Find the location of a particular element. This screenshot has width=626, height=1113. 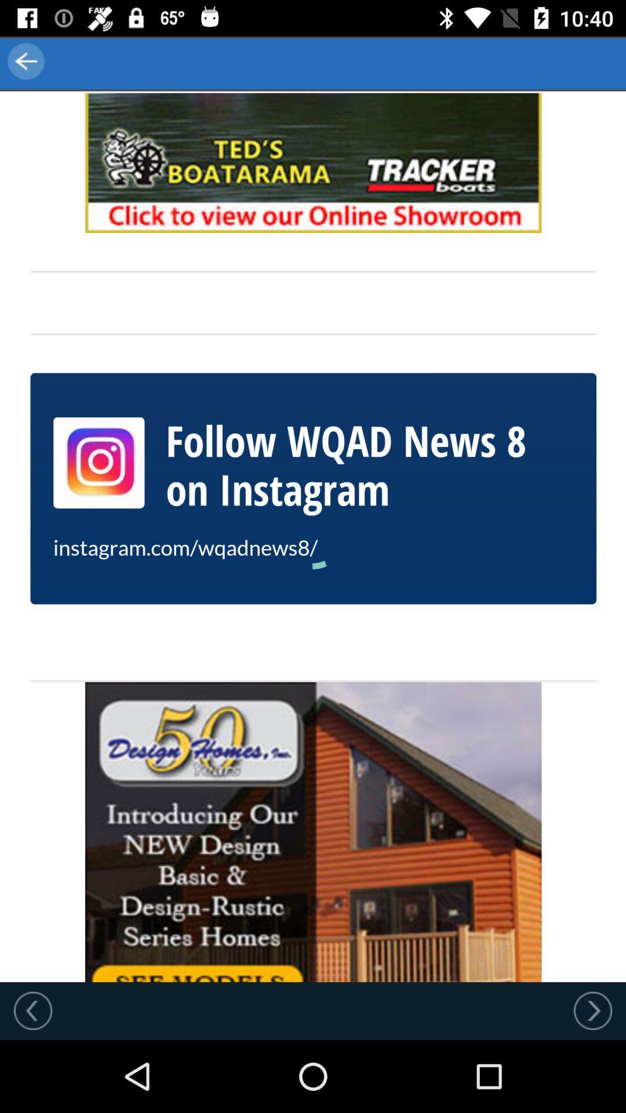

the arrow_backward icon is located at coordinates (33, 60).